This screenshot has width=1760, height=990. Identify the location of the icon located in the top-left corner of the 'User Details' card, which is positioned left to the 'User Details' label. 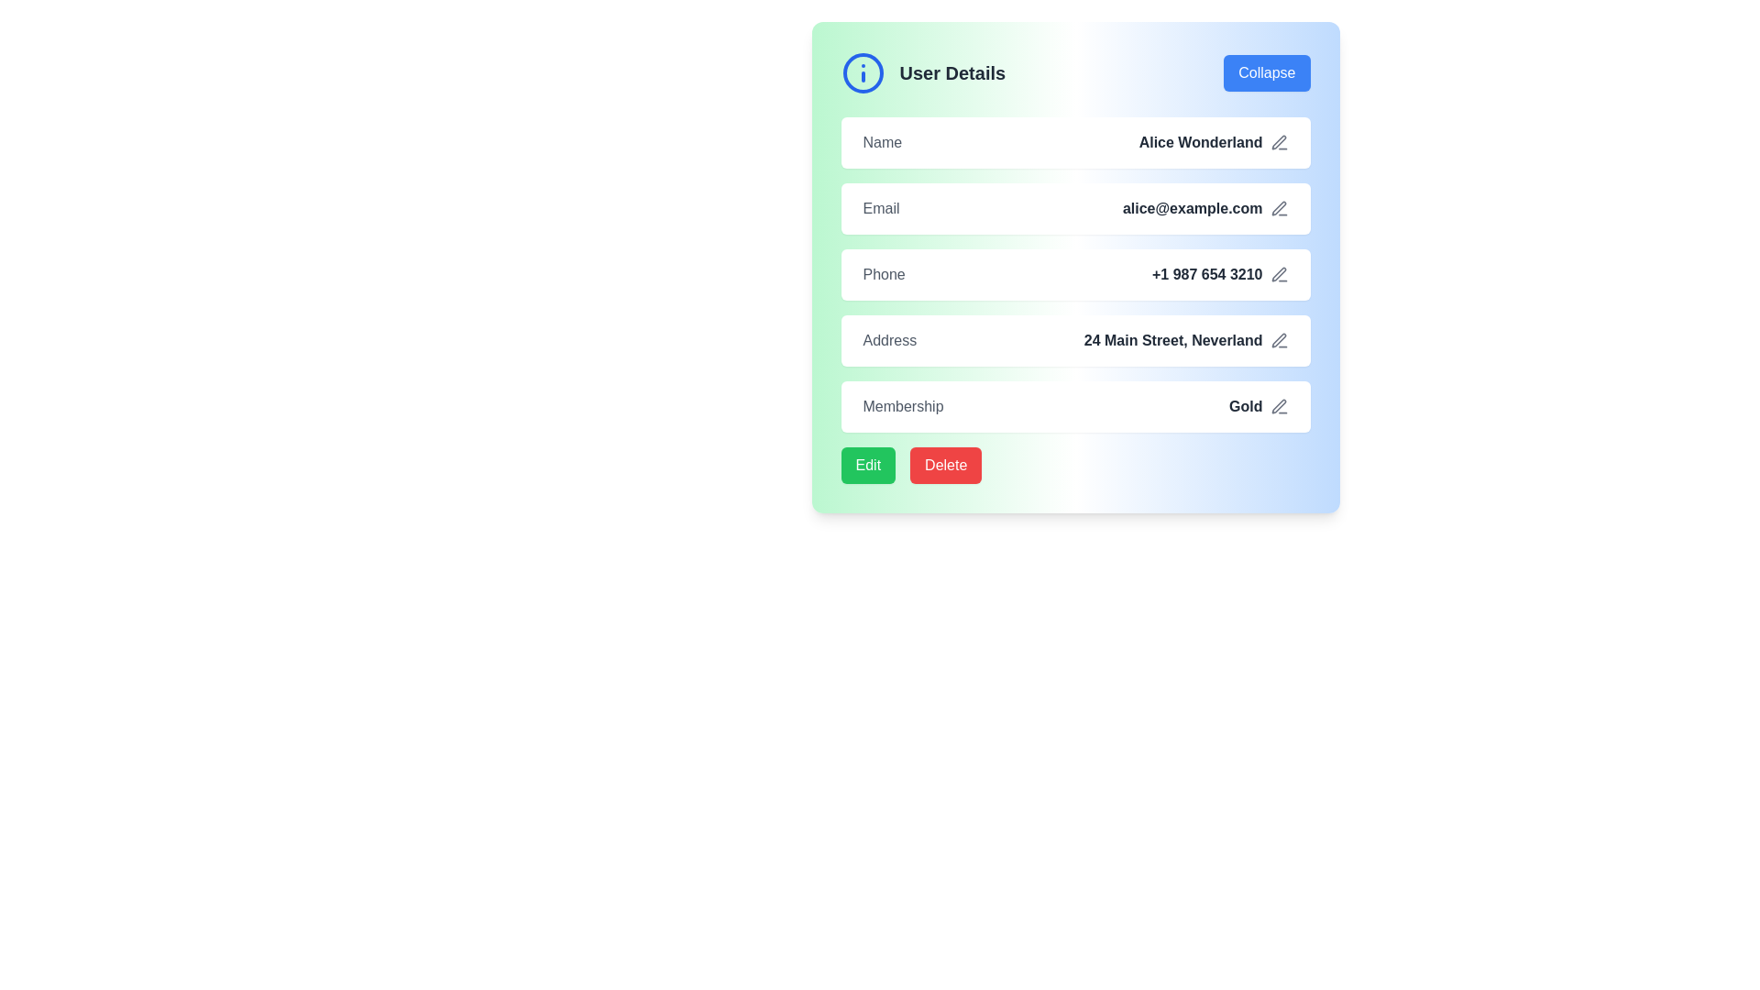
(862, 72).